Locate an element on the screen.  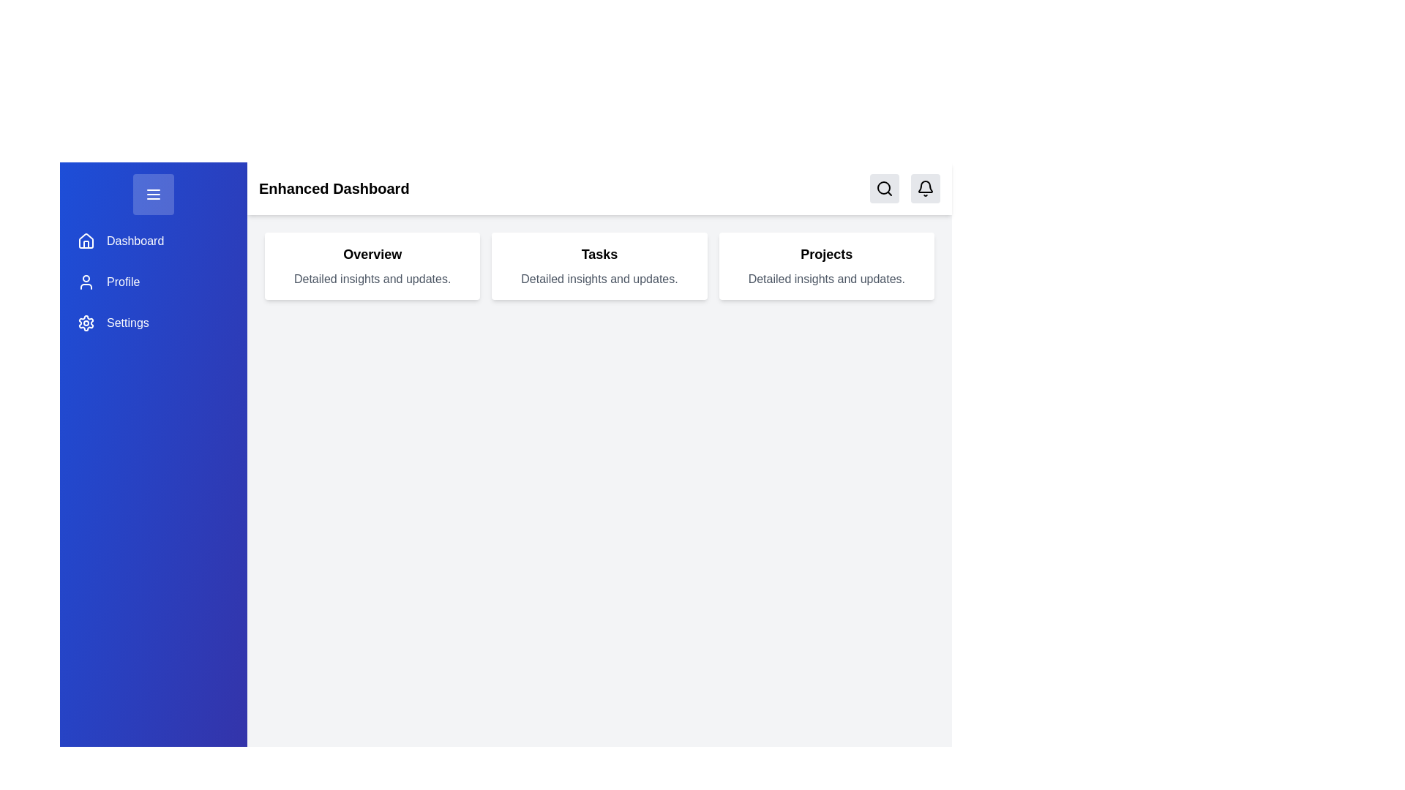
the third informational card titled 'Projects' in the grid, which provides insights and updates related to projects is located at coordinates (826, 266).